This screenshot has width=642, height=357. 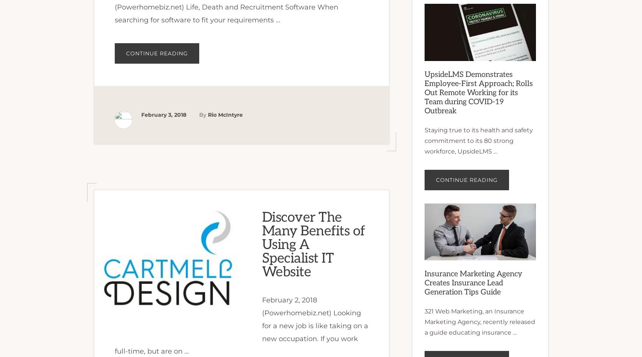 What do you see at coordinates (164, 21) in the screenshot?
I see `'Tech News'` at bounding box center [164, 21].